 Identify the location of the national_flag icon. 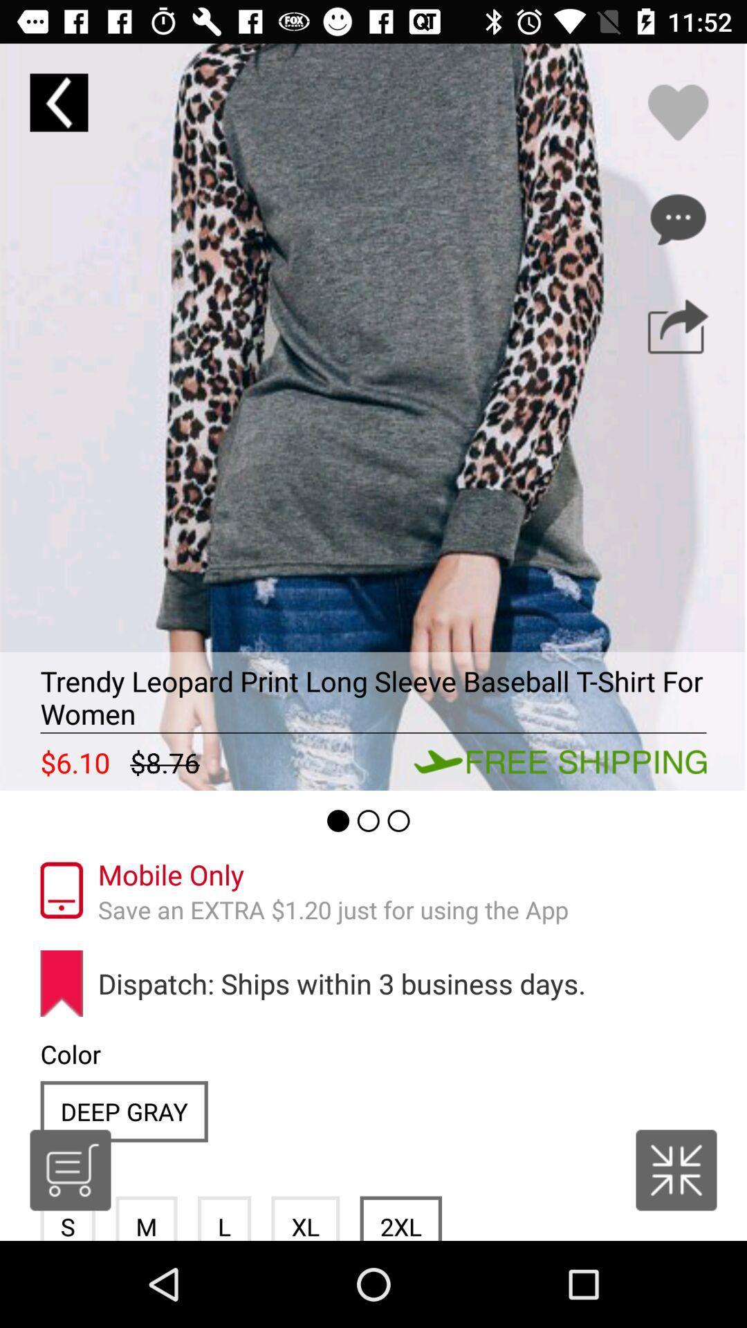
(676, 1170).